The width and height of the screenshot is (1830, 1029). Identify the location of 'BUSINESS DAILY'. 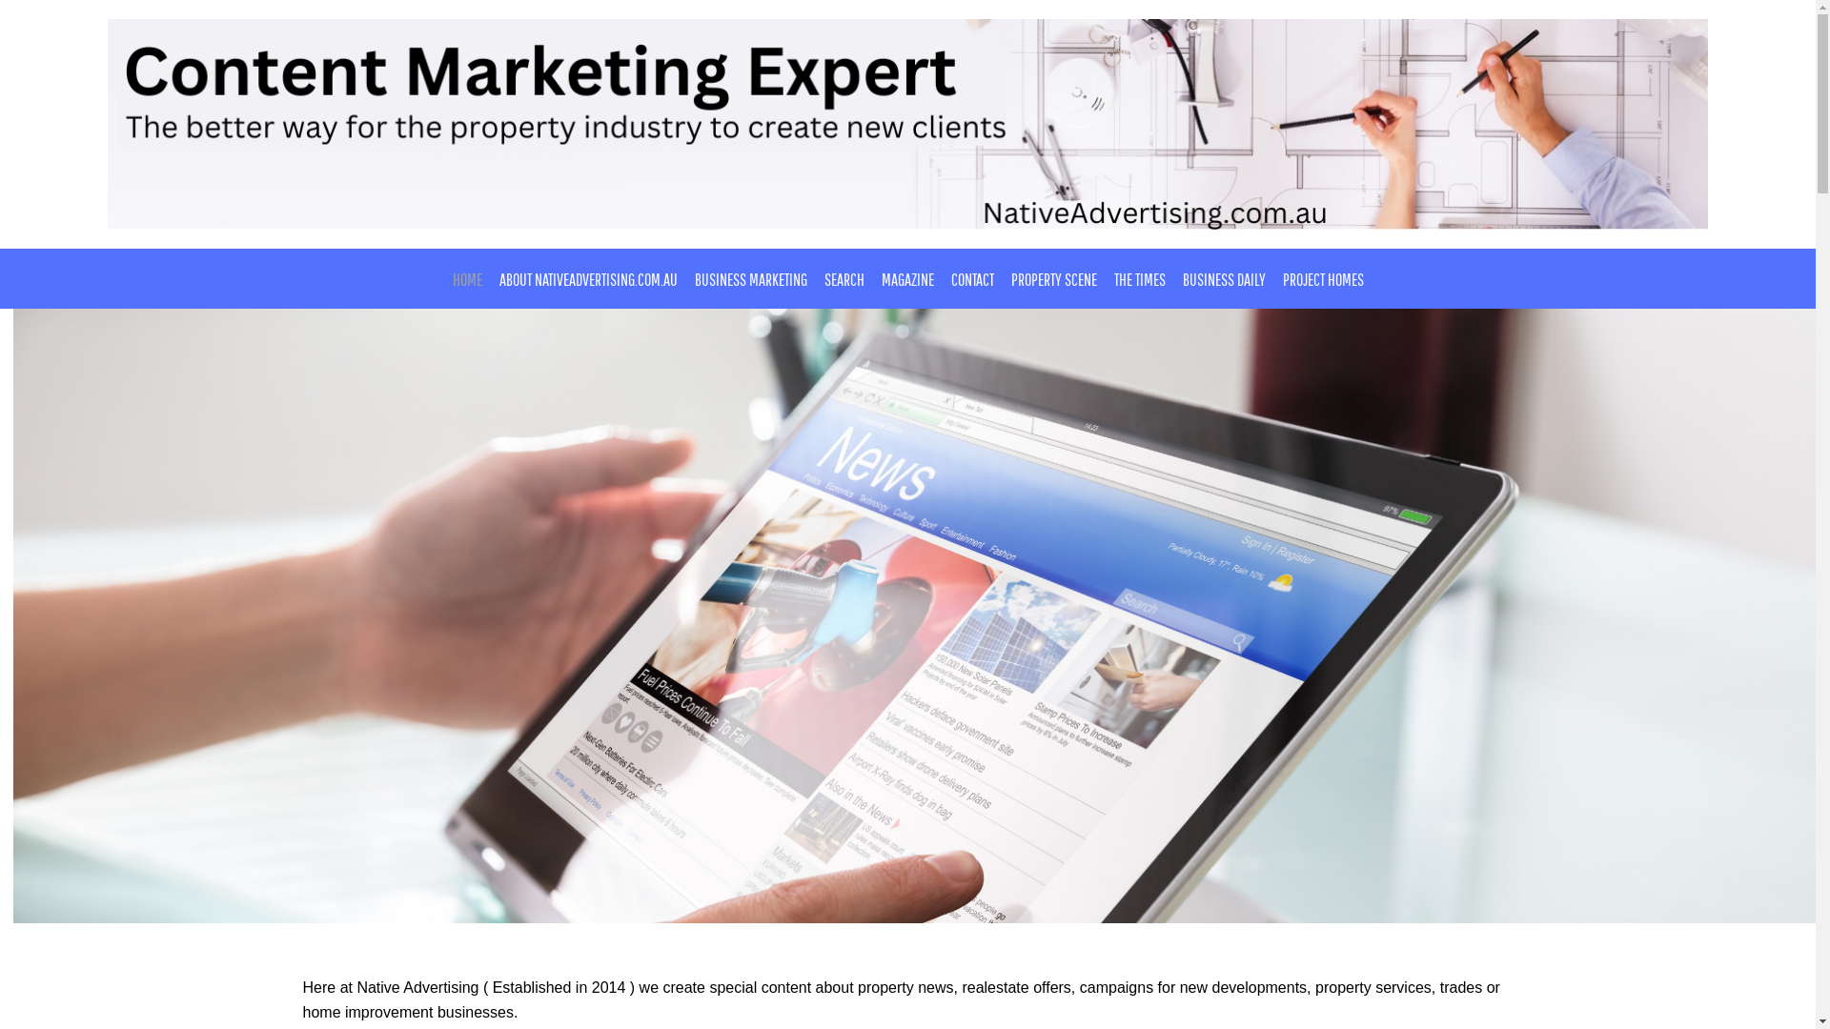
(1224, 279).